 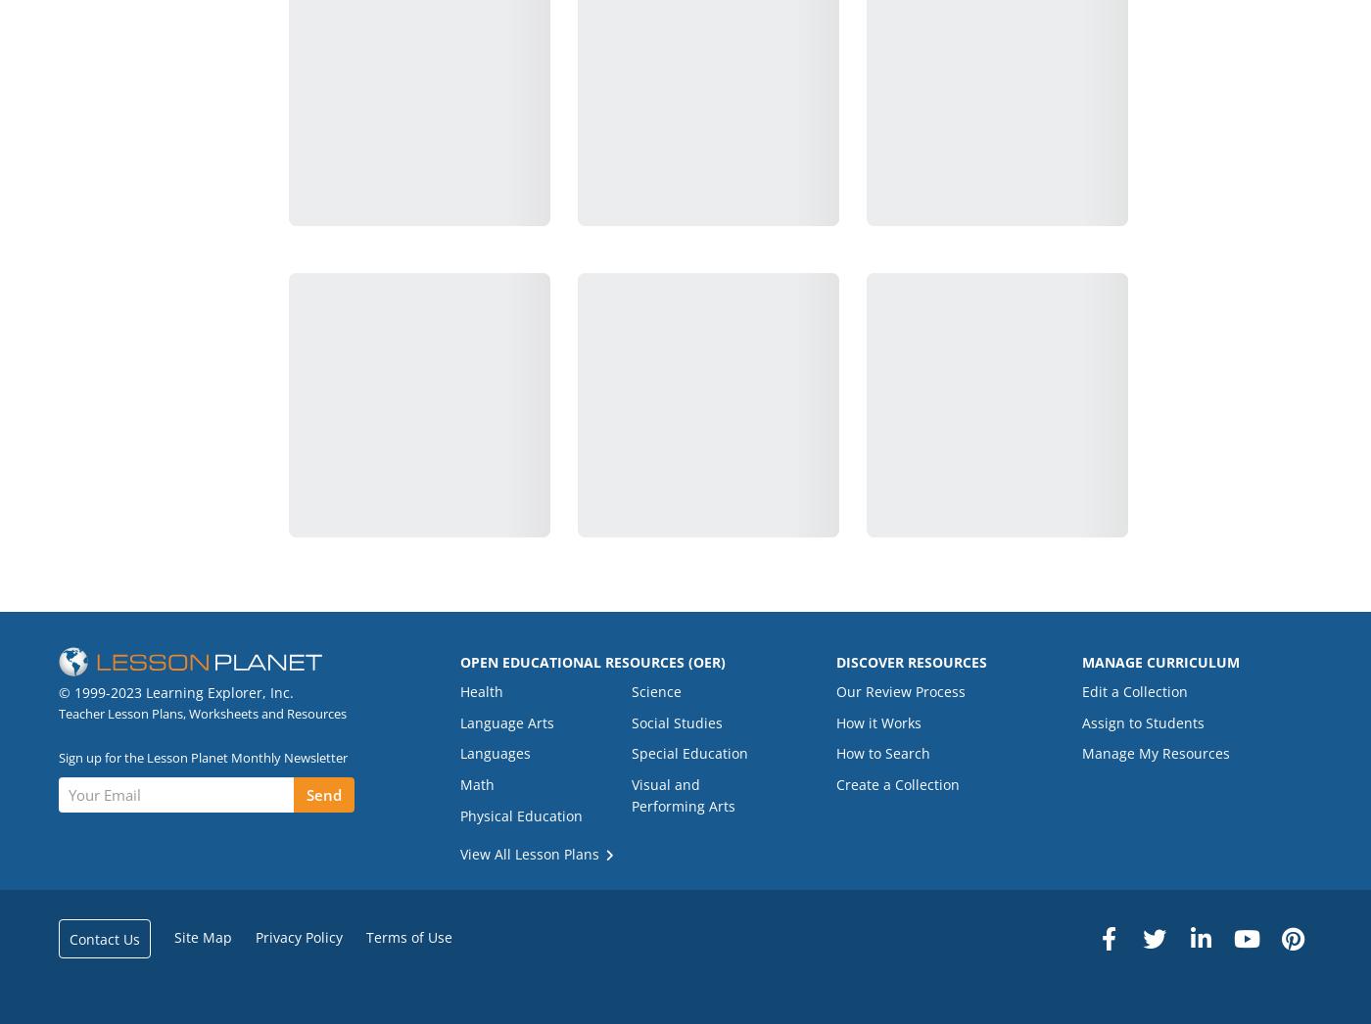 What do you see at coordinates (573, 661) in the screenshot?
I see `'Open Educational Resources'` at bounding box center [573, 661].